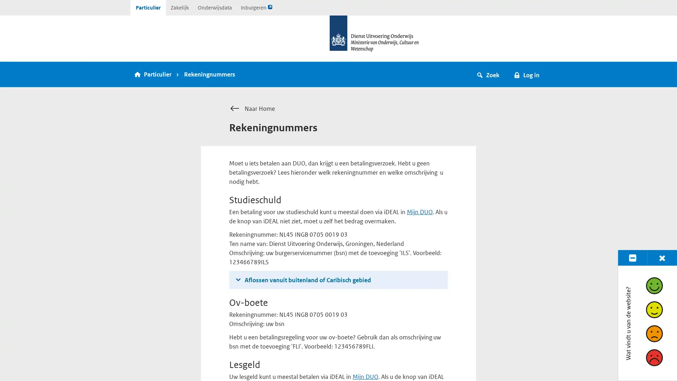  Describe the element at coordinates (653, 333) in the screenshot. I see `Matig` at that location.